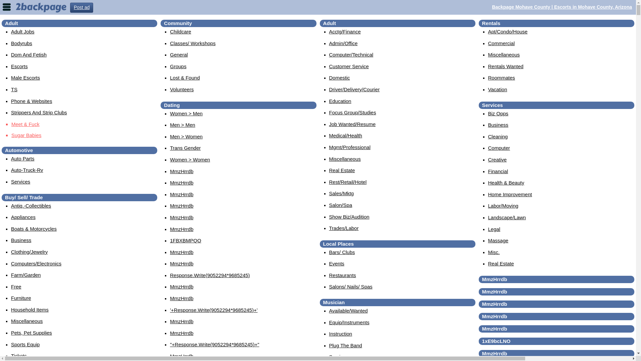 This screenshot has width=641, height=361. What do you see at coordinates (14, 89) in the screenshot?
I see `'TS'` at bounding box center [14, 89].